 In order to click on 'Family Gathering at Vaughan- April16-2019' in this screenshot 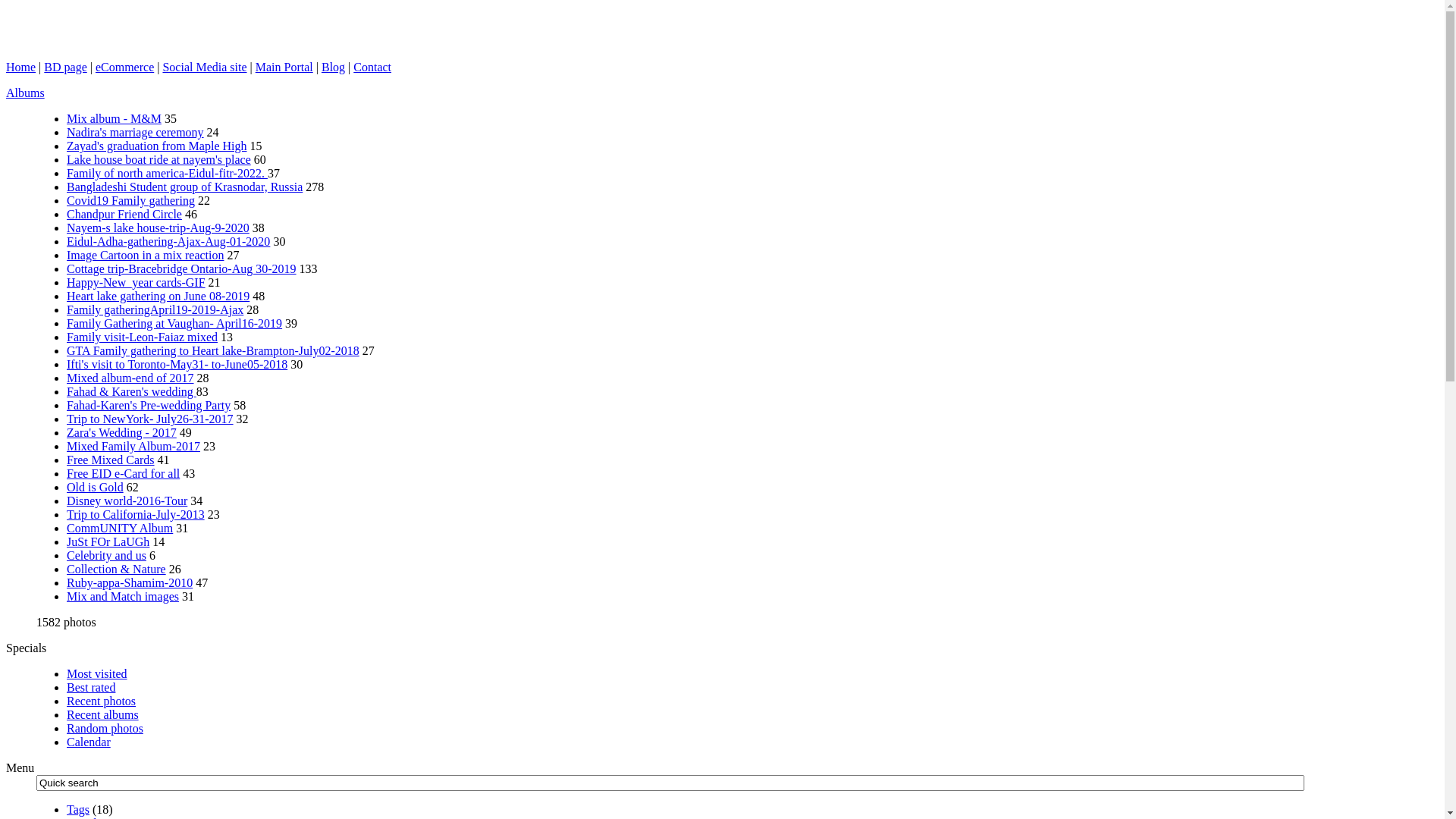, I will do `click(174, 322)`.